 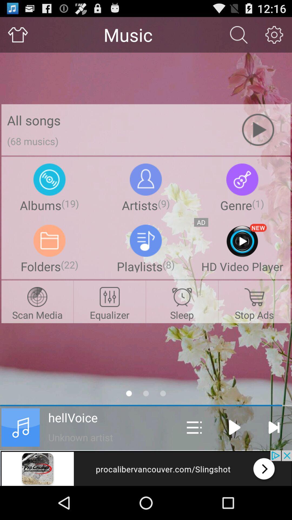 What do you see at coordinates (234, 457) in the screenshot?
I see `the play icon` at bounding box center [234, 457].